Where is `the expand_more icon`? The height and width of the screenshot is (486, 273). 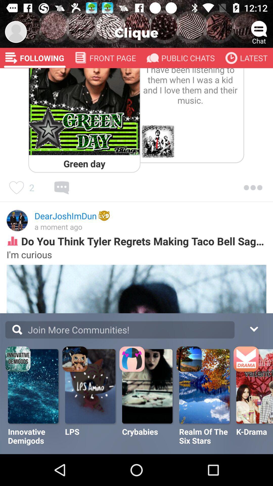
the expand_more icon is located at coordinates (254, 328).